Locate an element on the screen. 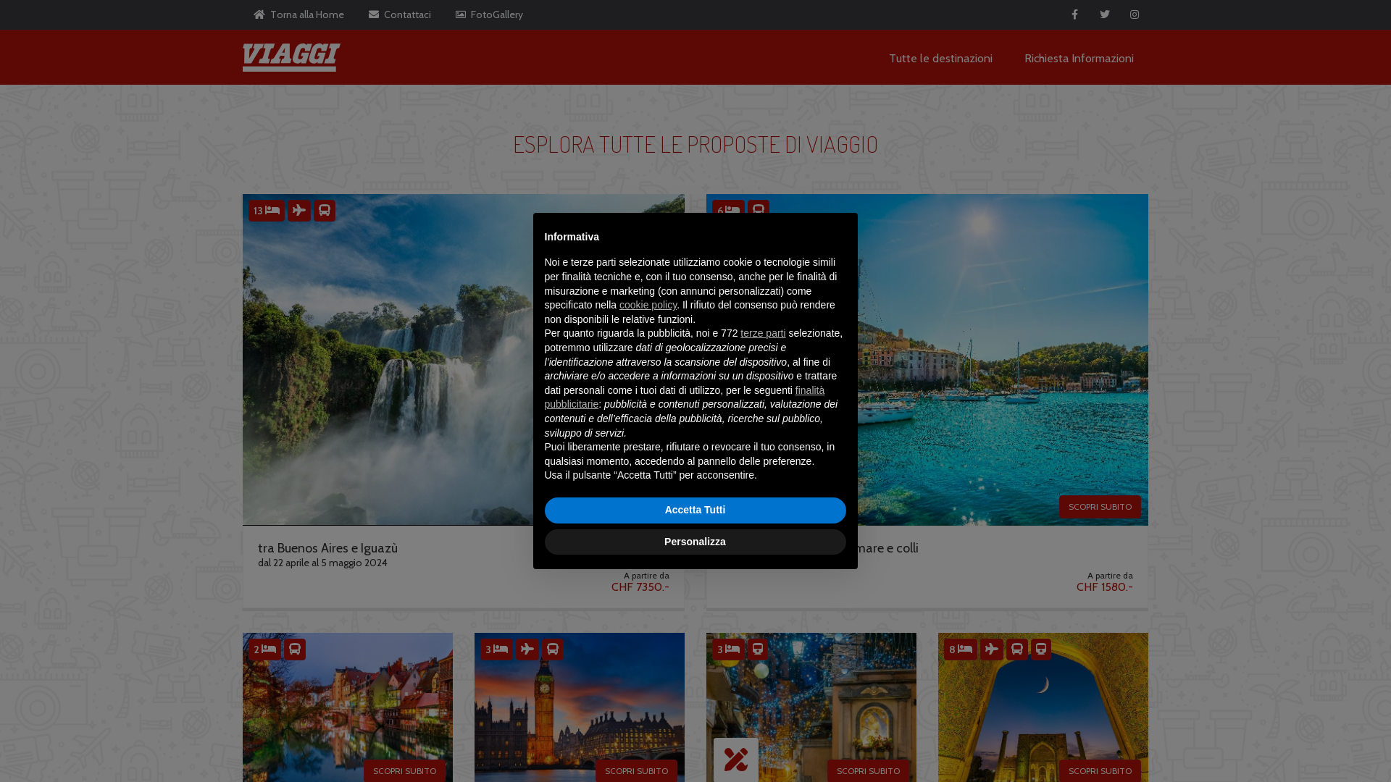  'Torna alla Home' is located at coordinates (243, 14).